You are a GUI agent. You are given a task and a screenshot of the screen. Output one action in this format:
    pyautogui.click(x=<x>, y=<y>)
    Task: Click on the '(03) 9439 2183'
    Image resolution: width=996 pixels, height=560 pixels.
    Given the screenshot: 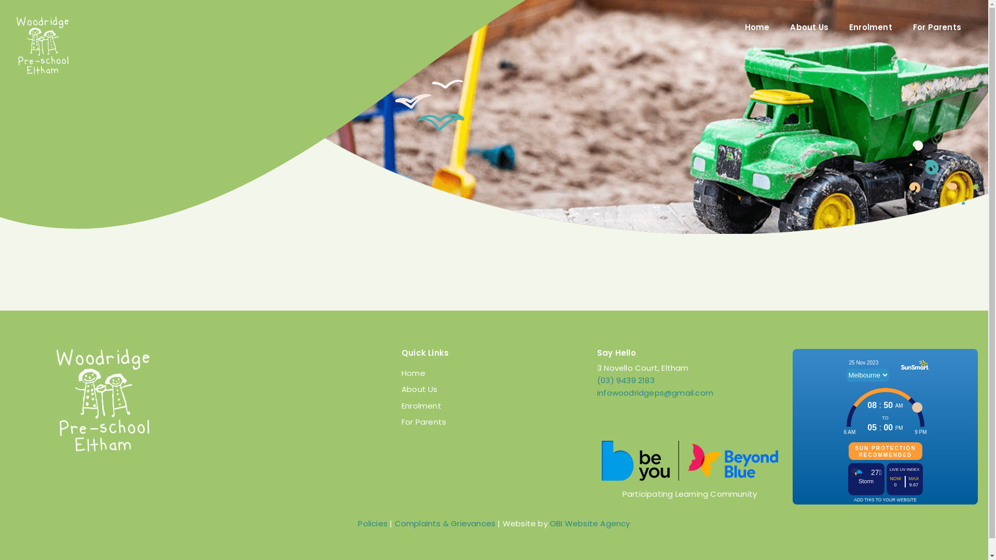 What is the action you would take?
    pyautogui.click(x=625, y=380)
    